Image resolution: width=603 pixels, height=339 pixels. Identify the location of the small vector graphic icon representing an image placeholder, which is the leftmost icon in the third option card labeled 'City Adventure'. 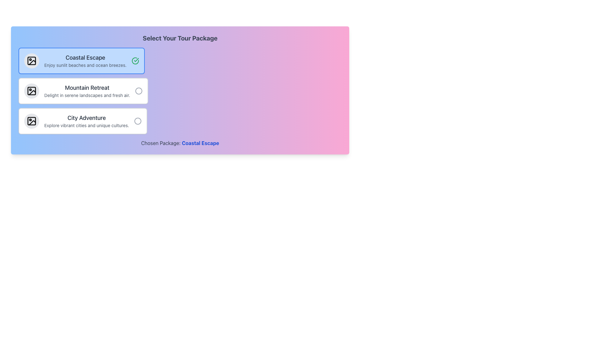
(31, 121).